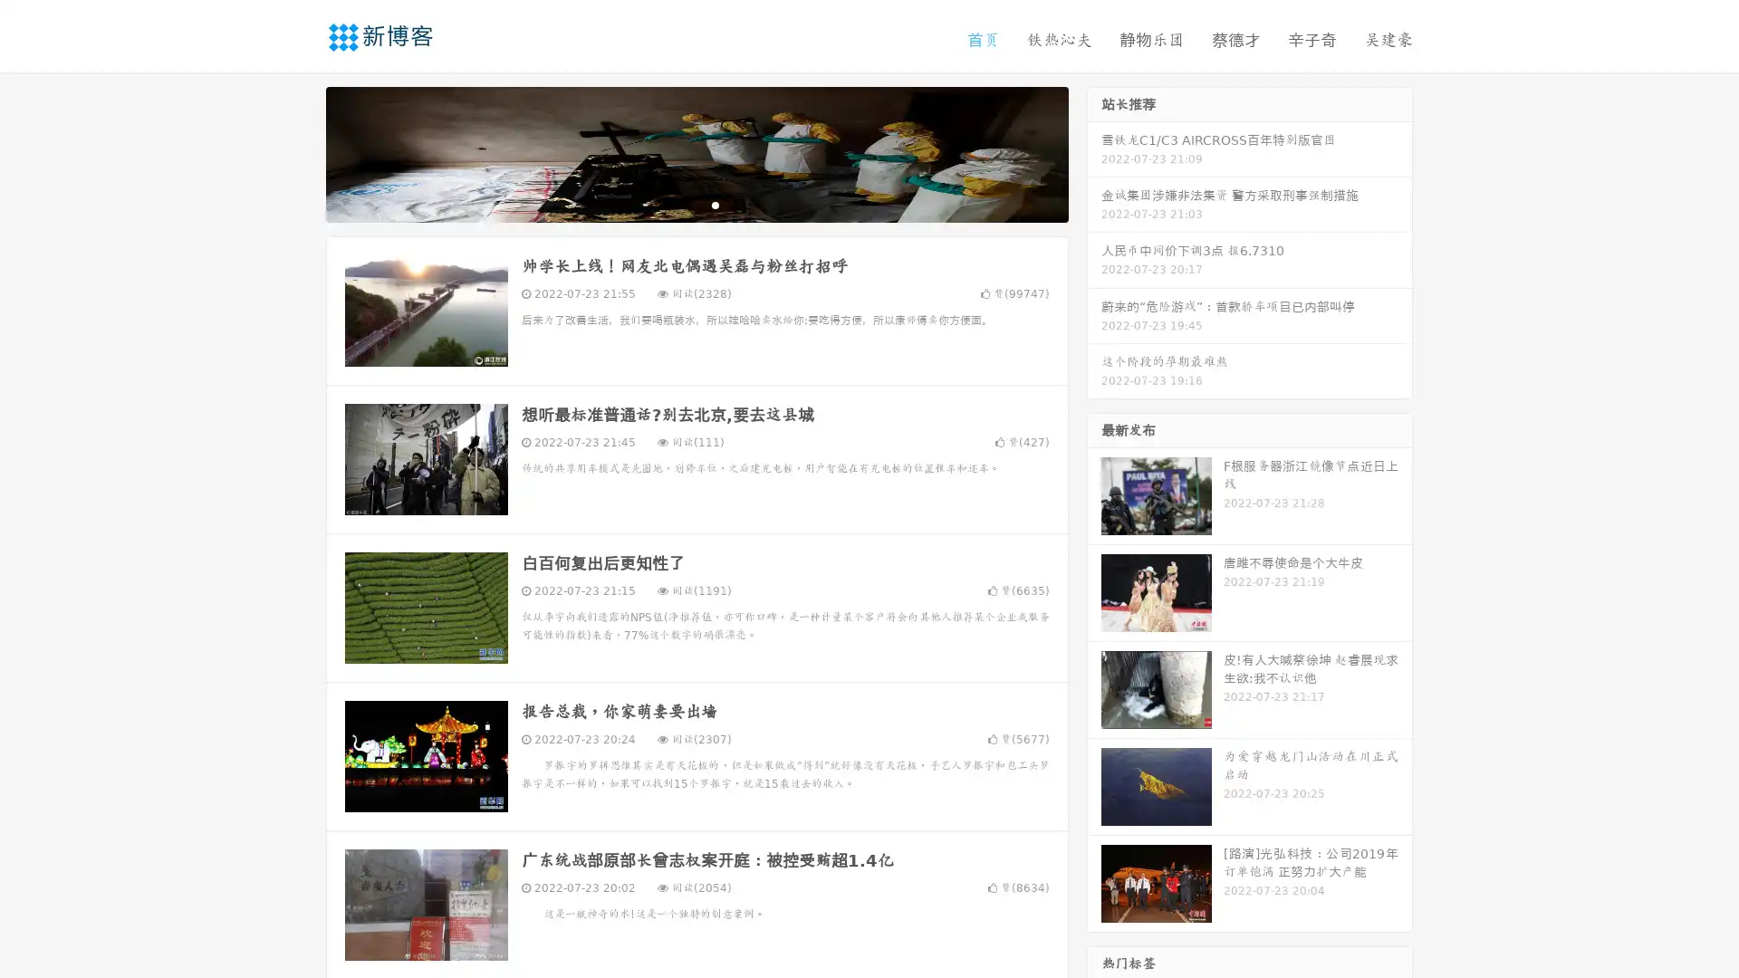 This screenshot has height=978, width=1739. I want to click on Go to slide 3, so click(715, 204).